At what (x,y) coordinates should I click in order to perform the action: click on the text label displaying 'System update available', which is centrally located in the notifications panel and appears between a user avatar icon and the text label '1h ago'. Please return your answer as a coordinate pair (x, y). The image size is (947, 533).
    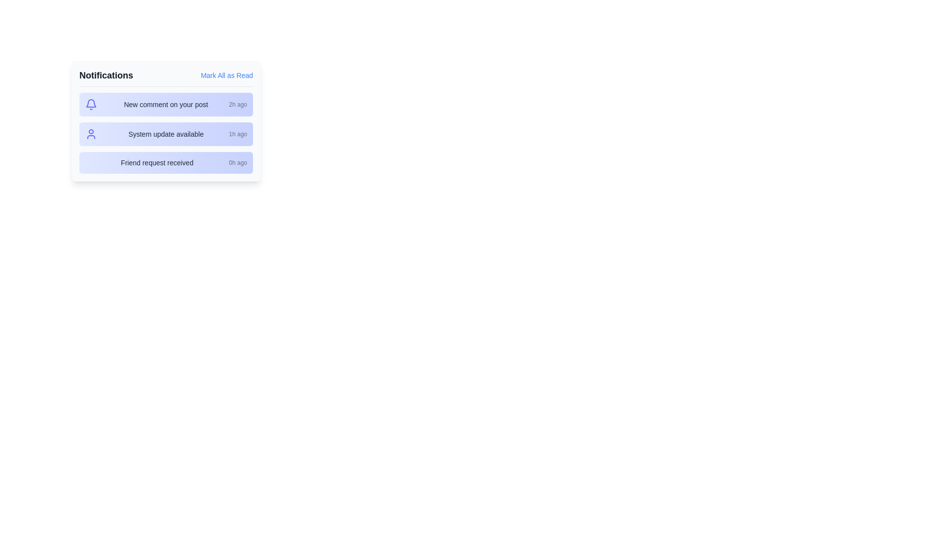
    Looking at the image, I should click on (166, 134).